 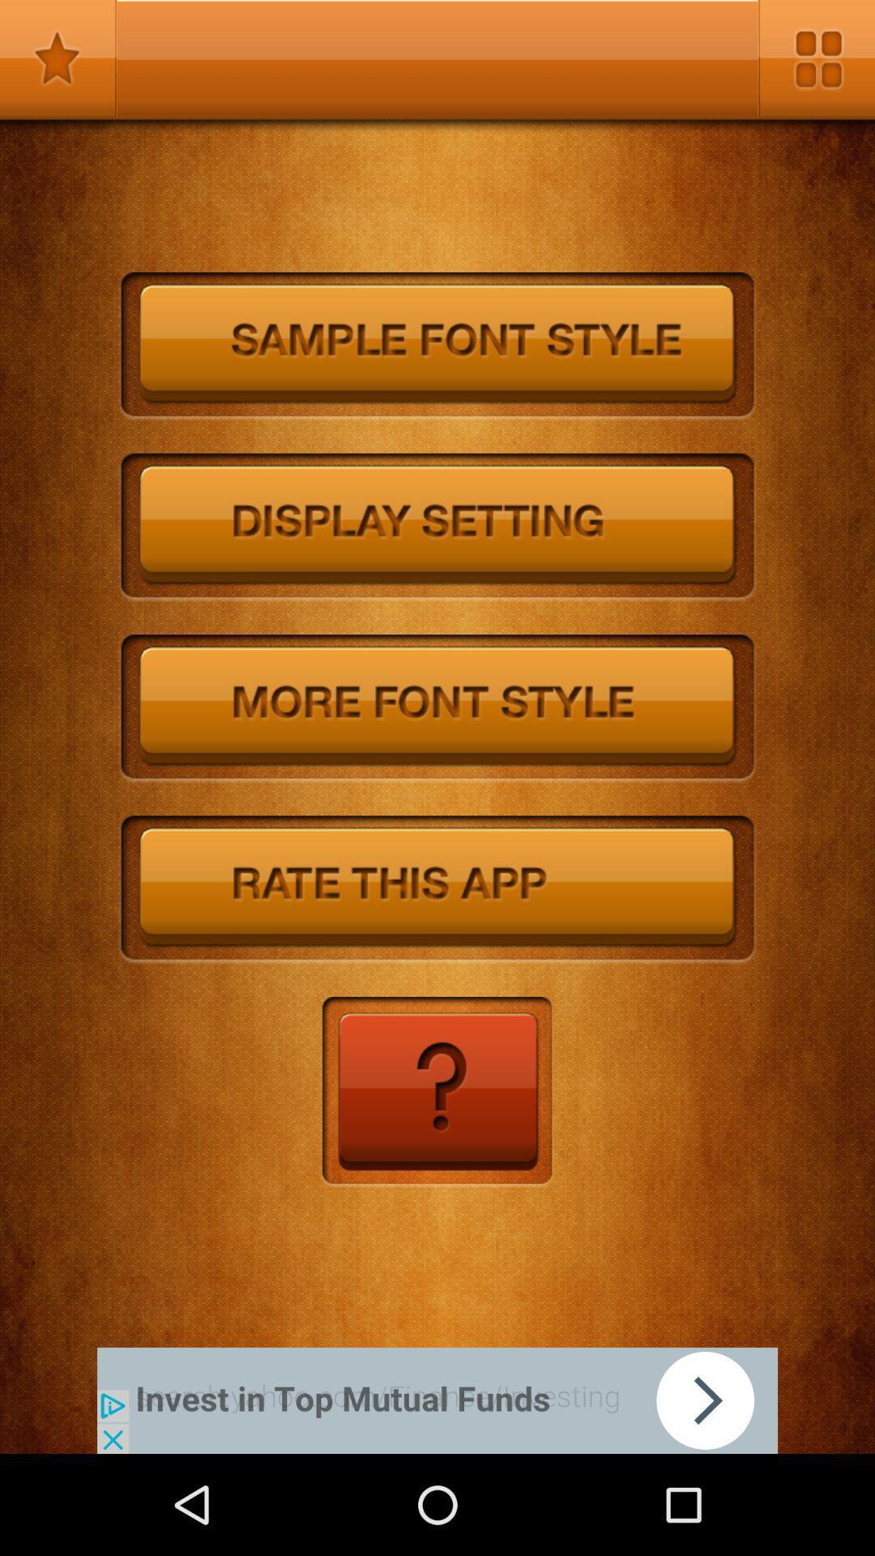 What do you see at coordinates (437, 345) in the screenshot?
I see `sample font style` at bounding box center [437, 345].